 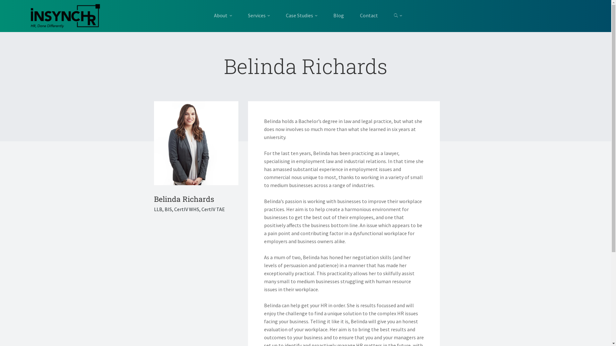 I want to click on 'Contact', so click(x=352, y=15).